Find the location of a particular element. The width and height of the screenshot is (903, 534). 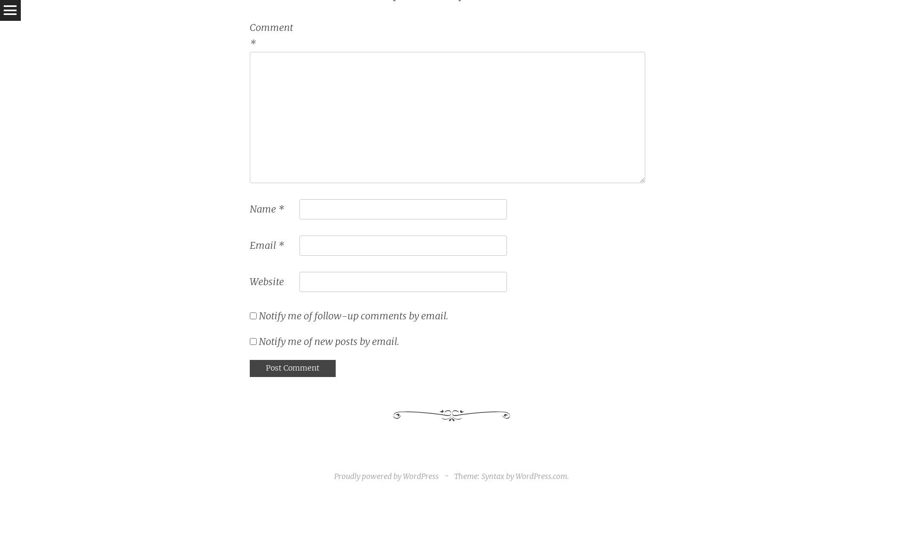

'Notify me of follow-up comments by email.' is located at coordinates (258, 315).